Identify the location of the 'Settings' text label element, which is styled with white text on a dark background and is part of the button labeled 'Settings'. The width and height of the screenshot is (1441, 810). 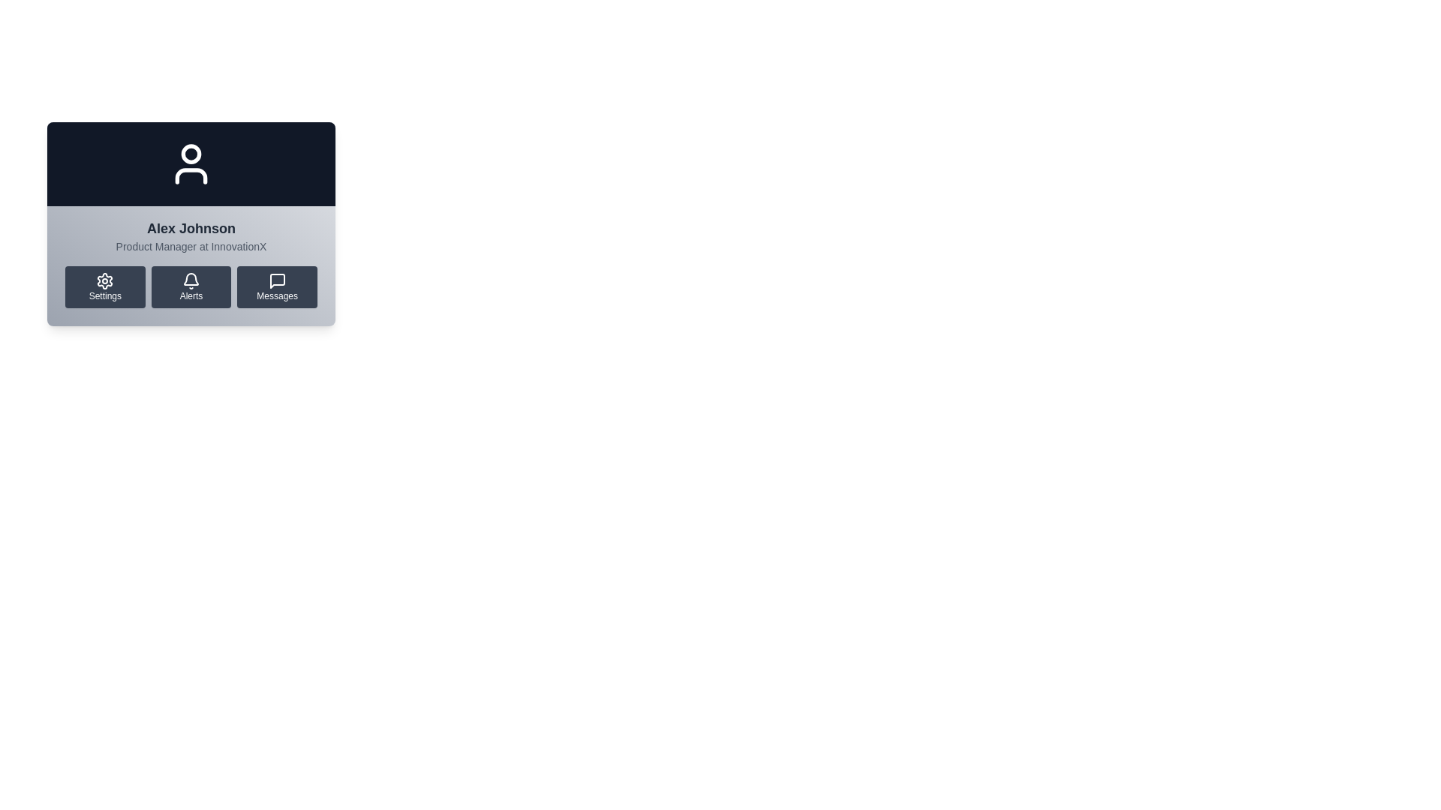
(104, 295).